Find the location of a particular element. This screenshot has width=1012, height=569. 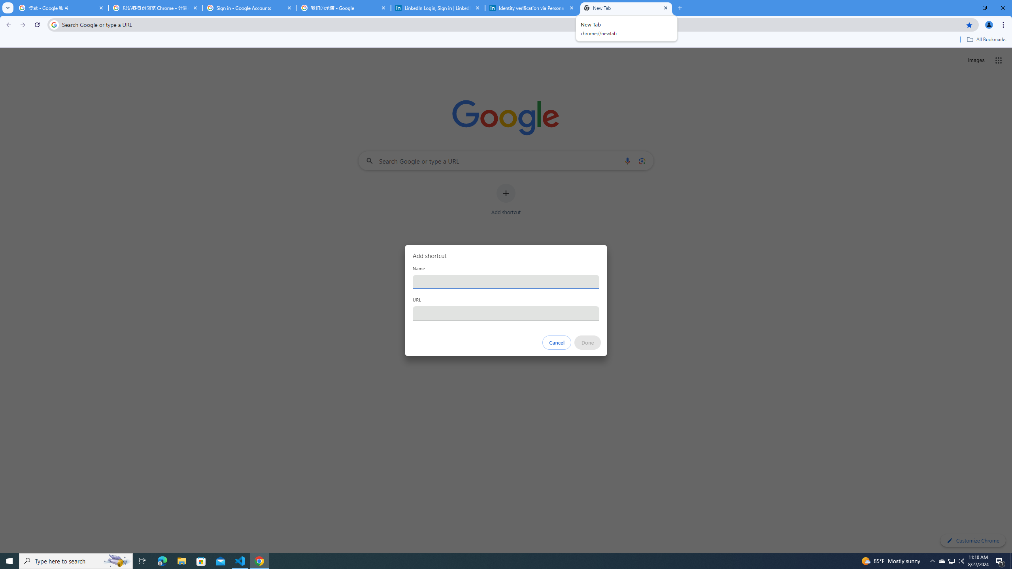

'Done' is located at coordinates (588, 342).